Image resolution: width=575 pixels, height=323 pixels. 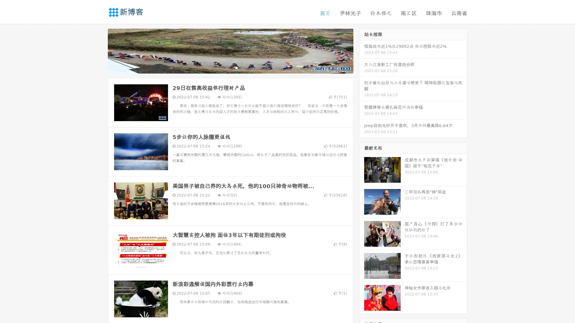 I want to click on Go to slide 2, so click(x=230, y=67).